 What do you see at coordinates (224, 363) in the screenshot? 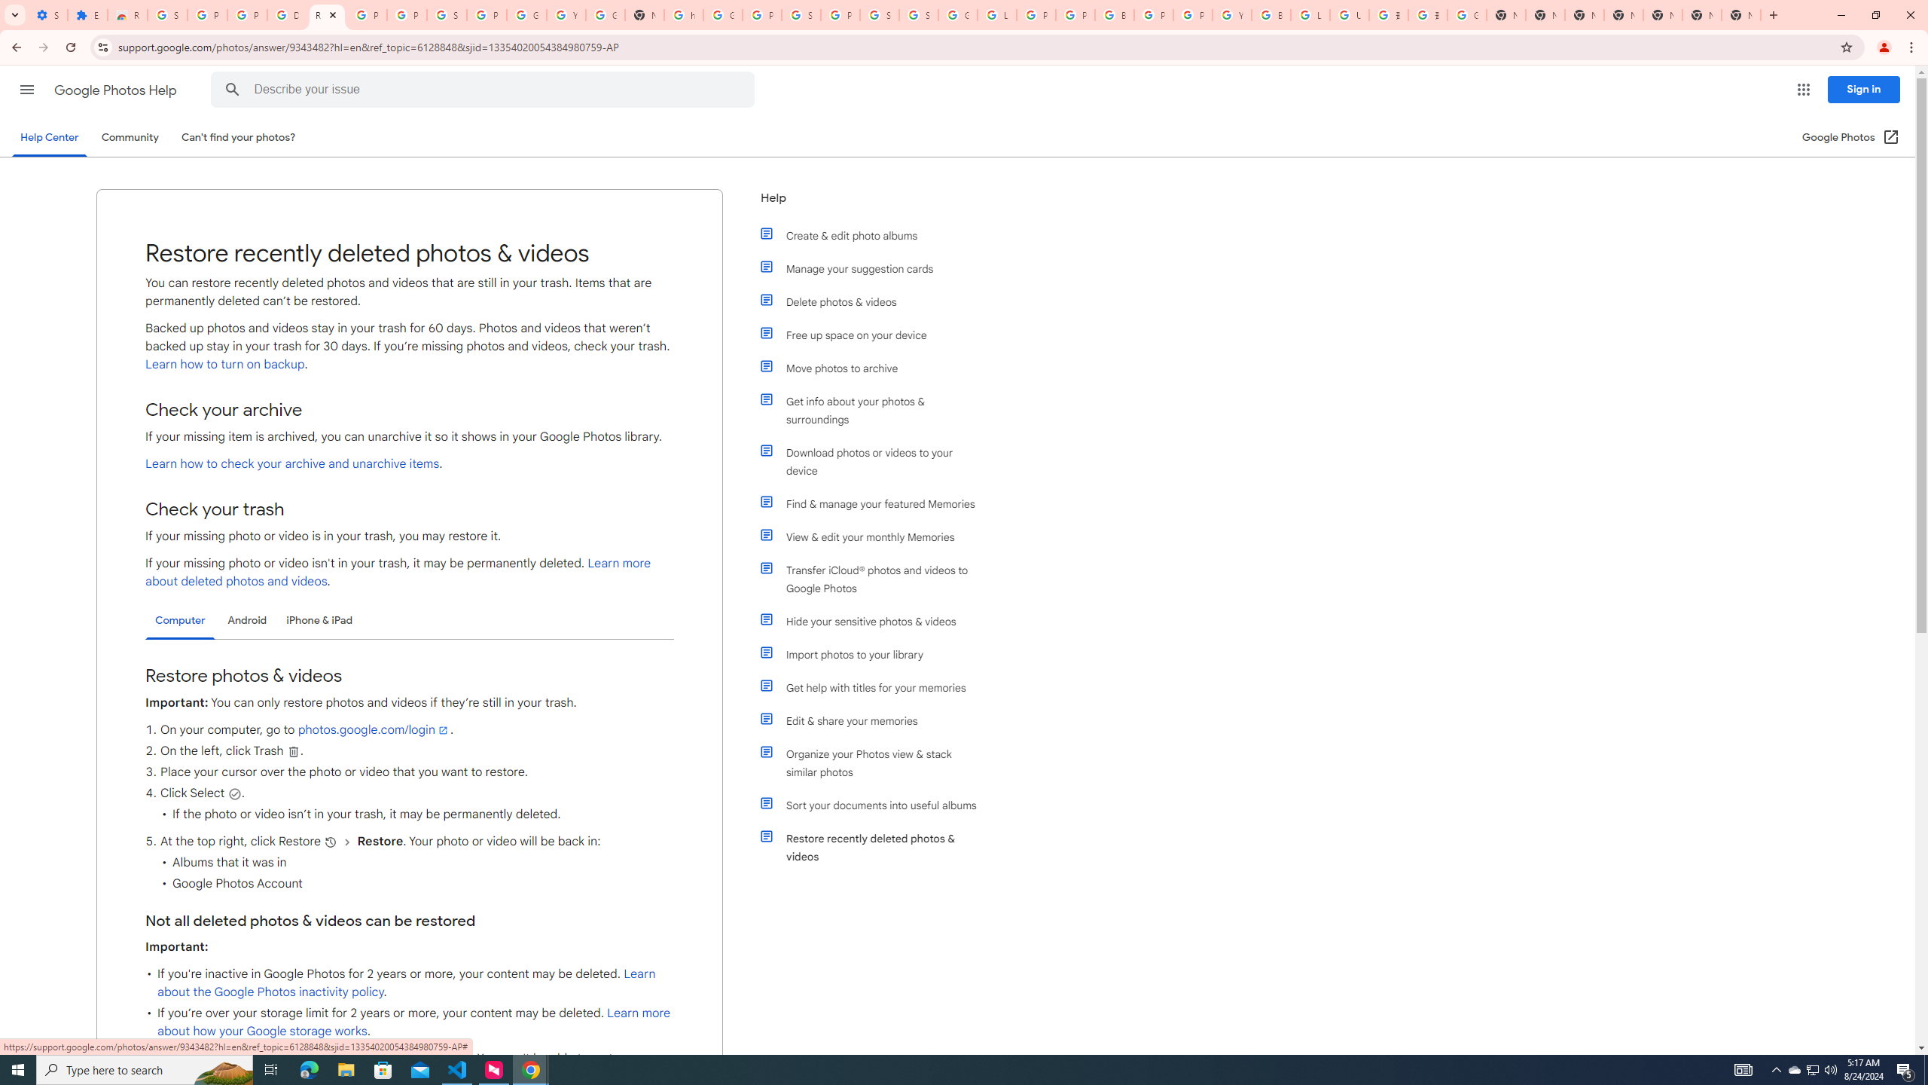
I see `'Learn how to turn on backup'` at bounding box center [224, 363].